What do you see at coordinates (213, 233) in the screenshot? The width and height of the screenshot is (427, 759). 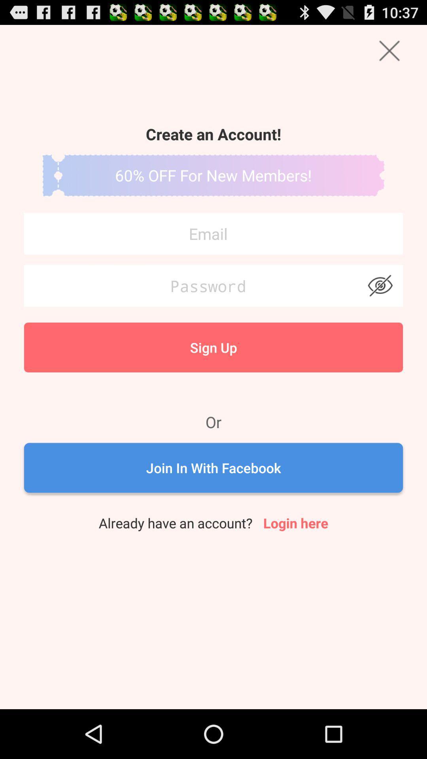 I see `type your email` at bounding box center [213, 233].